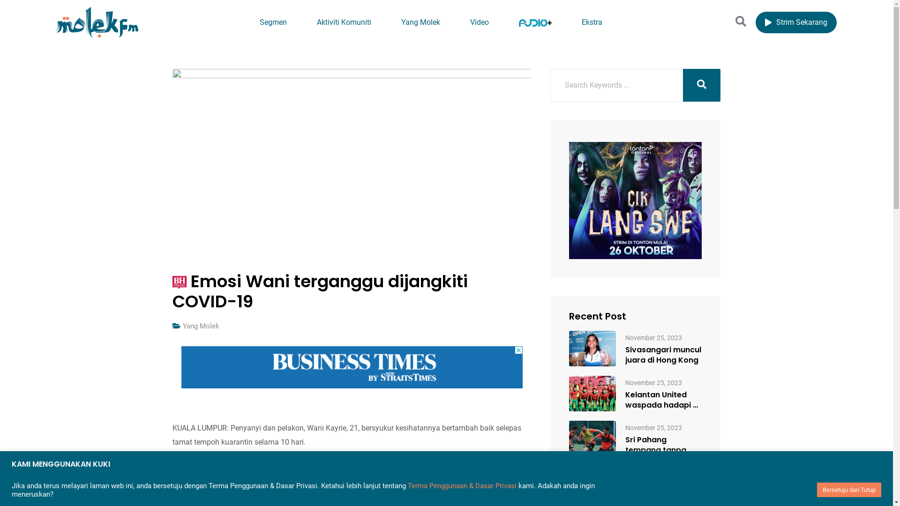  What do you see at coordinates (420, 22) in the screenshot?
I see `'Yang Molek'` at bounding box center [420, 22].